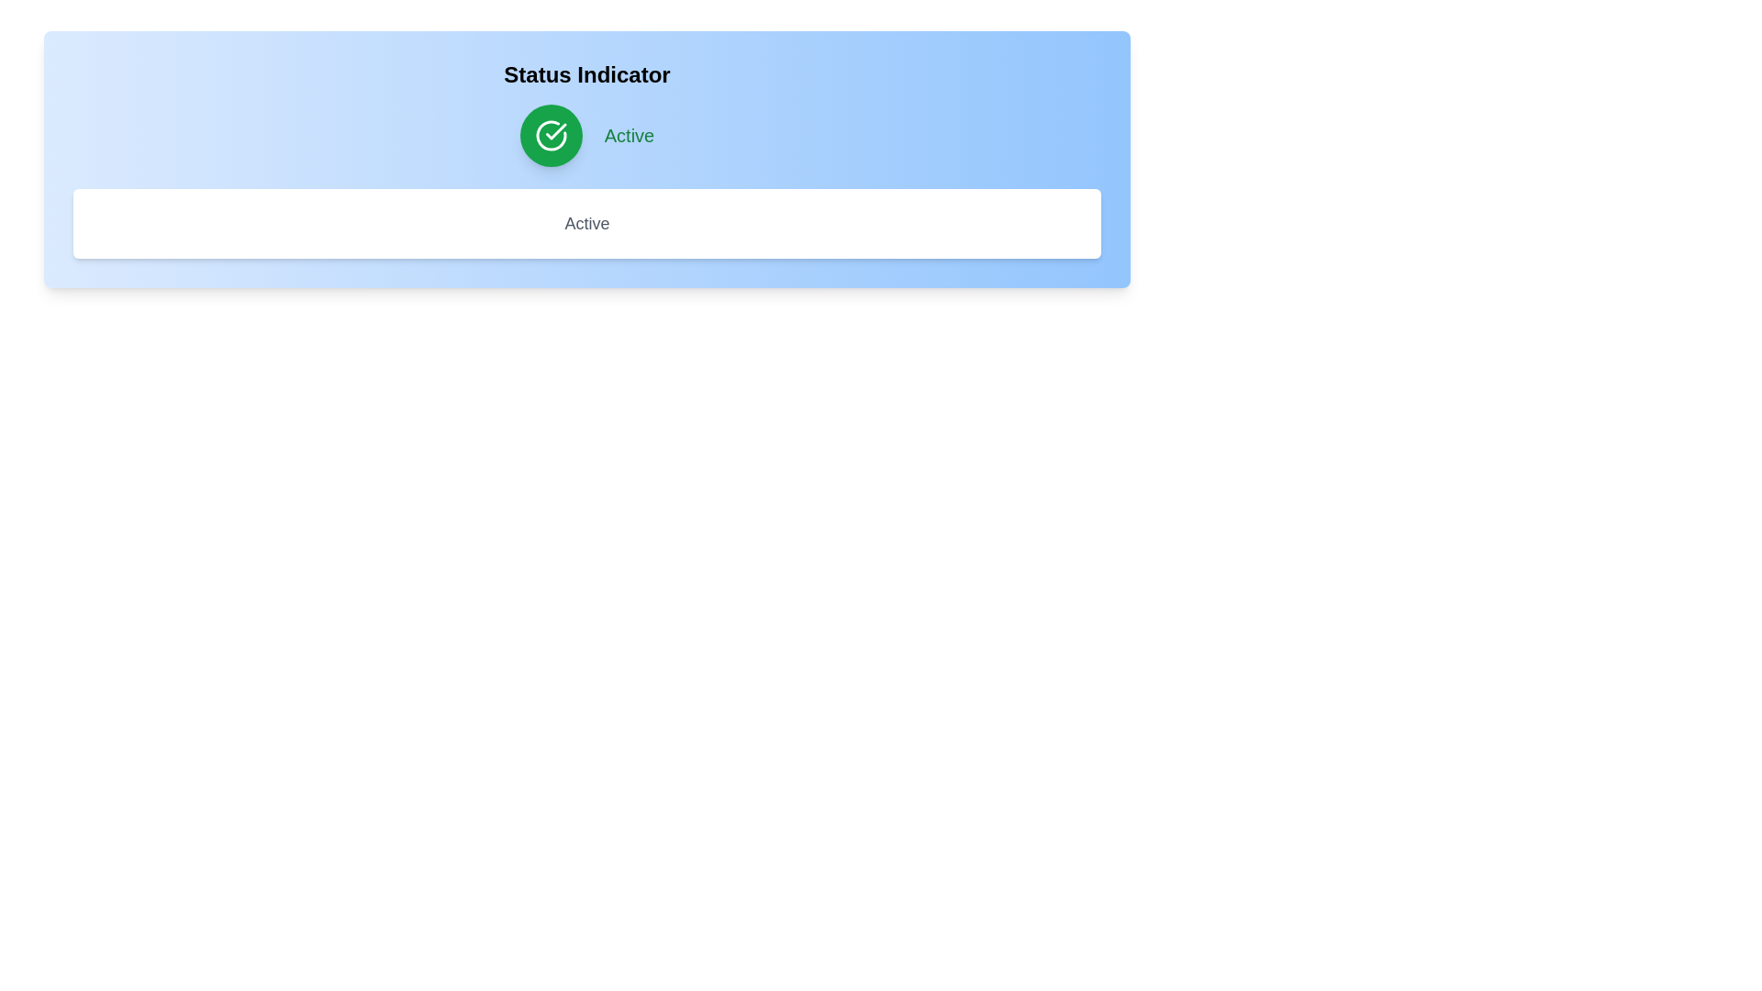 This screenshot has height=991, width=1762. What do you see at coordinates (550, 134) in the screenshot?
I see `the button to observe the hover effect` at bounding box center [550, 134].